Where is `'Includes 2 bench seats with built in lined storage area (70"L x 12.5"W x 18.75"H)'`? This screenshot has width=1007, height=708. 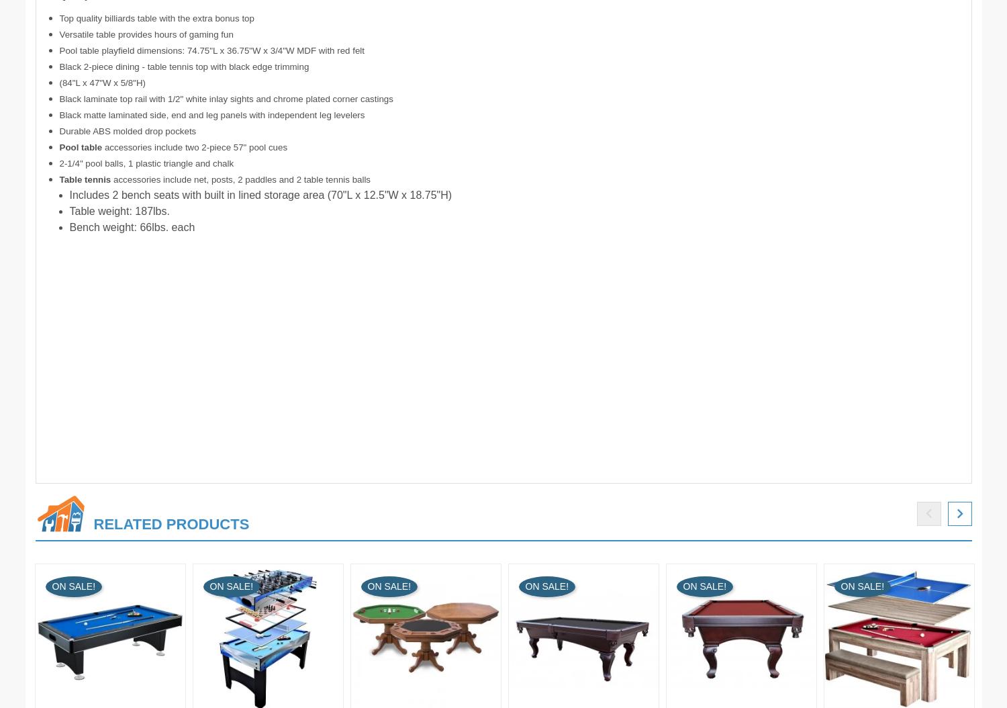 'Includes 2 bench seats with built in lined storage area (70"L x 12.5"W x 18.75"H)' is located at coordinates (260, 194).